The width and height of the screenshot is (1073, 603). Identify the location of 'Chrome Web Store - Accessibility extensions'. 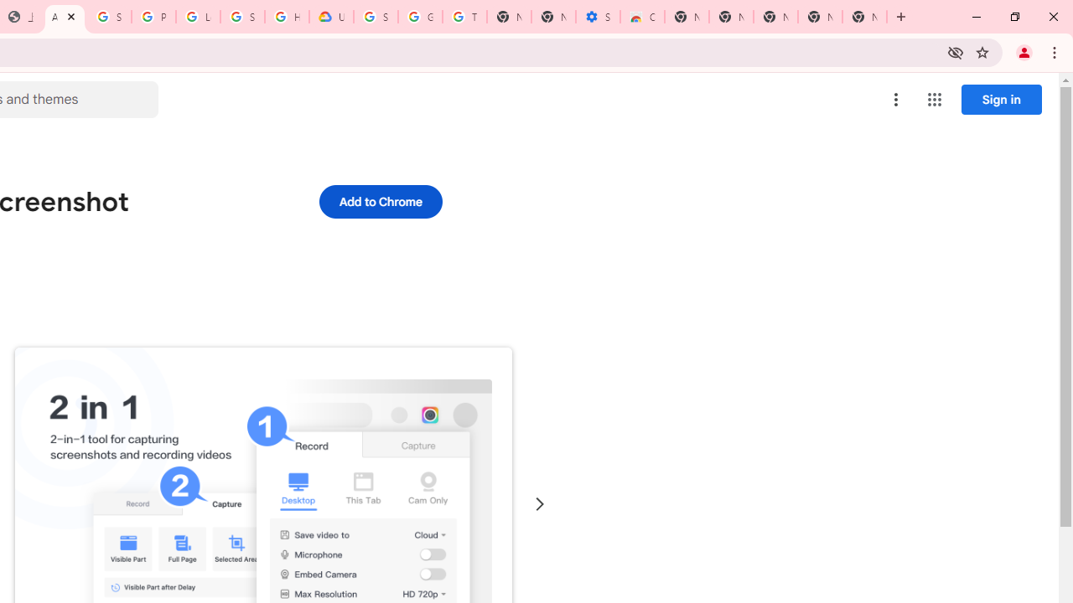
(641, 17).